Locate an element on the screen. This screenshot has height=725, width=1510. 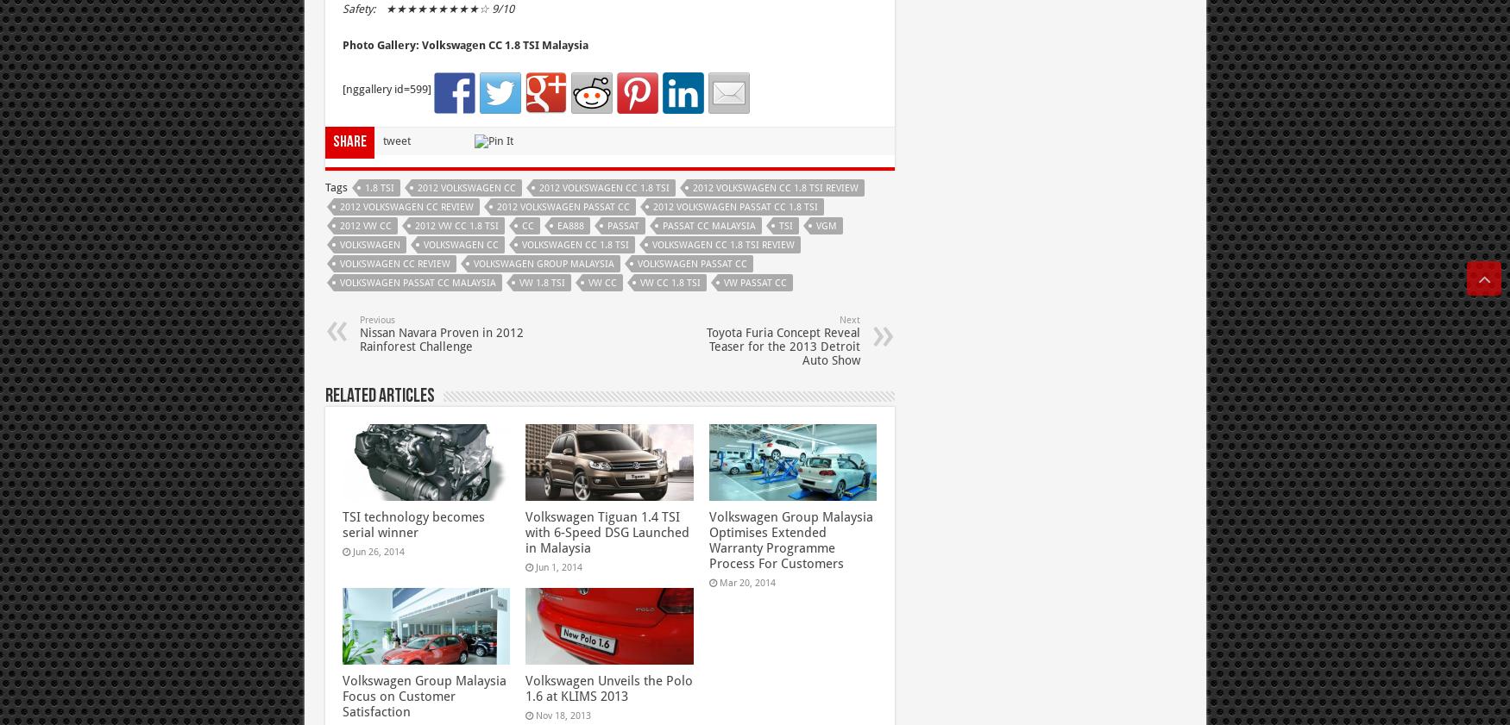
'VGM' is located at coordinates (826, 224).